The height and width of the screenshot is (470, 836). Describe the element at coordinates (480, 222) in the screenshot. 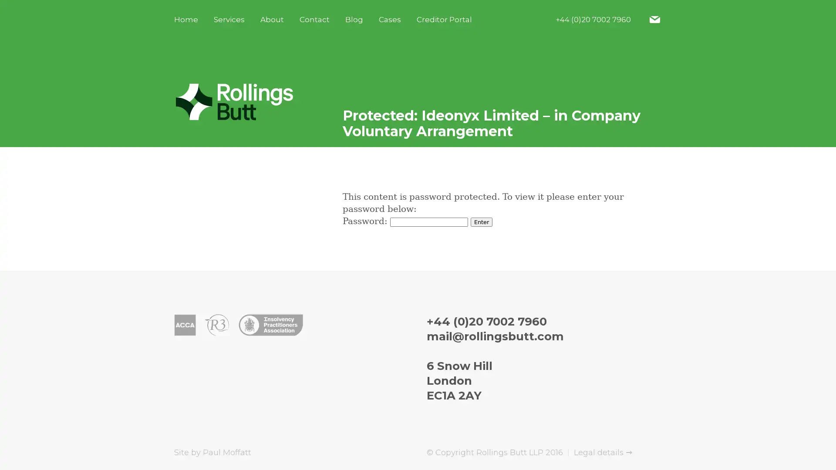

I see `Enter` at that location.